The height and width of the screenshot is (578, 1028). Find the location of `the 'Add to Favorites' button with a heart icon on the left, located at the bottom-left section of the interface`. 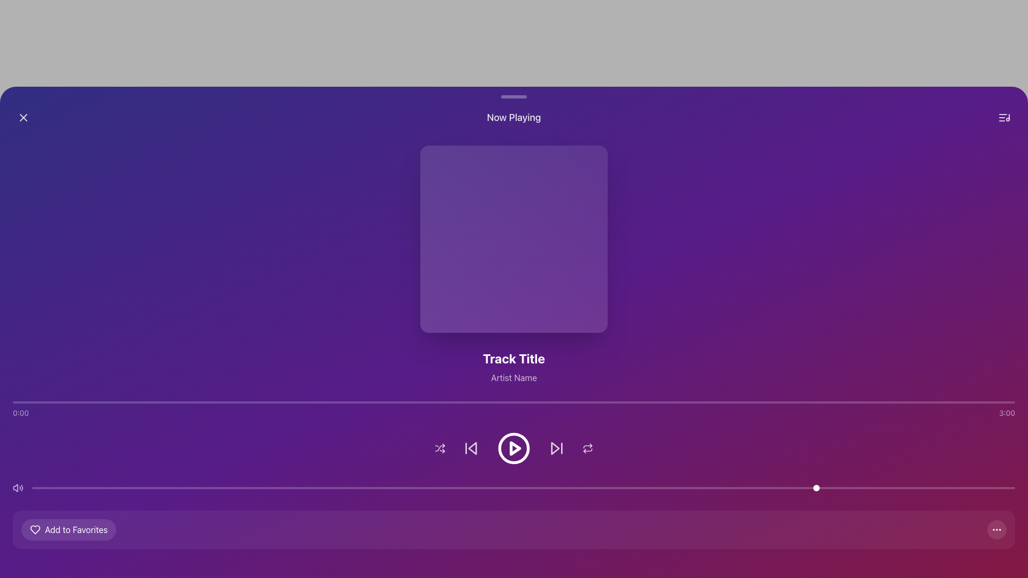

the 'Add to Favorites' button with a heart icon on the left, located at the bottom-left section of the interface is located at coordinates (68, 530).